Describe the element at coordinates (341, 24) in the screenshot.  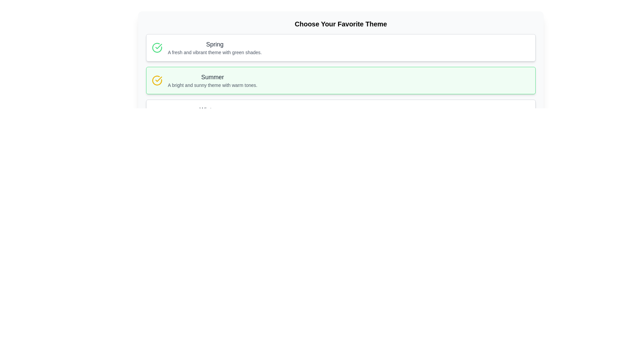
I see `bold header text 'Choose Your Favorite Theme' which is centered at the top of the theme selection interface` at that location.